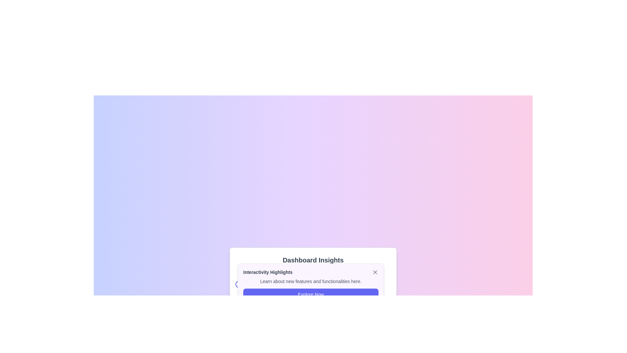 This screenshot has height=353, width=627. Describe the element at coordinates (310, 281) in the screenshot. I see `the informational text label within the 'Interactivity Highlights' popup, located directly below the main title and above the 'Explore Now' button` at that location.